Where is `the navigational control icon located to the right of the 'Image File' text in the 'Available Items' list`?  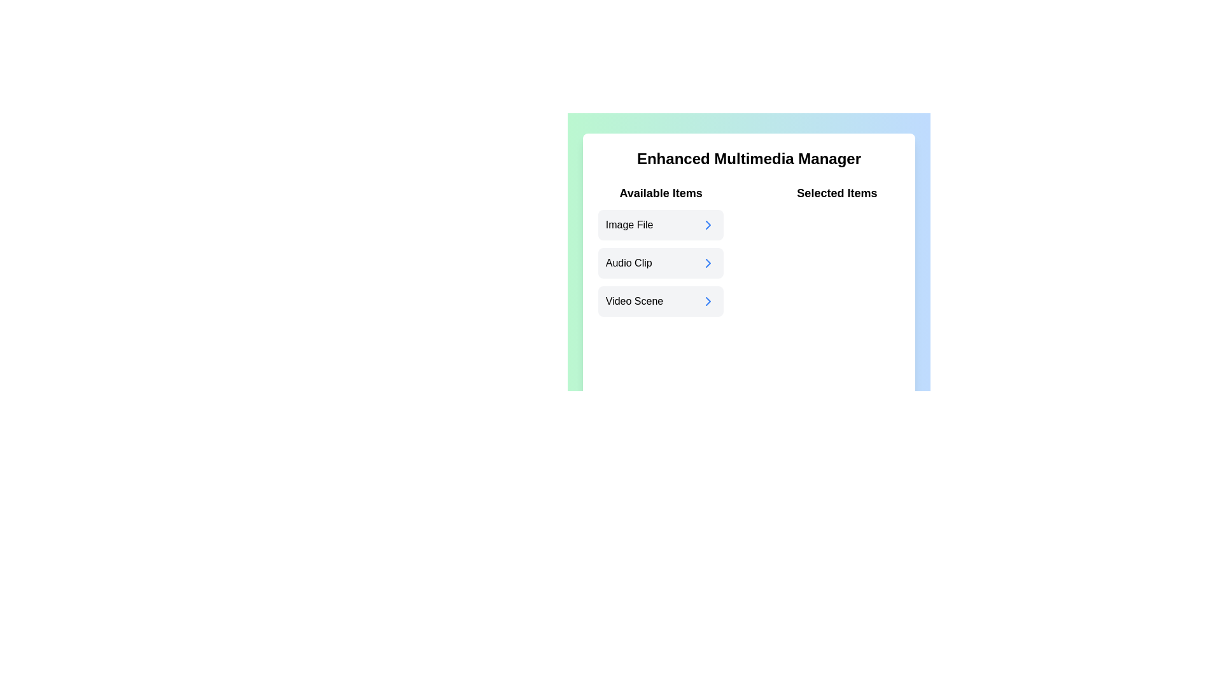
the navigational control icon located to the right of the 'Image File' text in the 'Available Items' list is located at coordinates (708, 225).